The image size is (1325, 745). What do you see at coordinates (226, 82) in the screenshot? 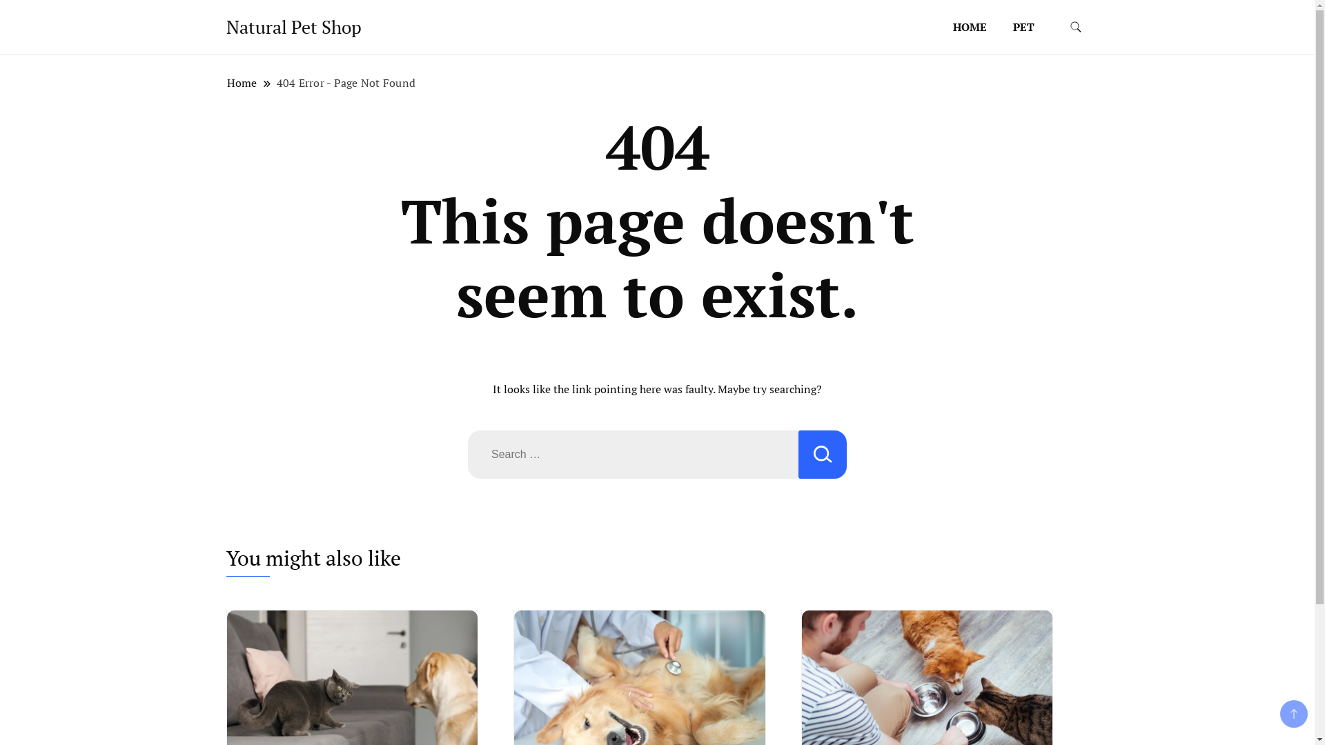
I see `'Home'` at bounding box center [226, 82].